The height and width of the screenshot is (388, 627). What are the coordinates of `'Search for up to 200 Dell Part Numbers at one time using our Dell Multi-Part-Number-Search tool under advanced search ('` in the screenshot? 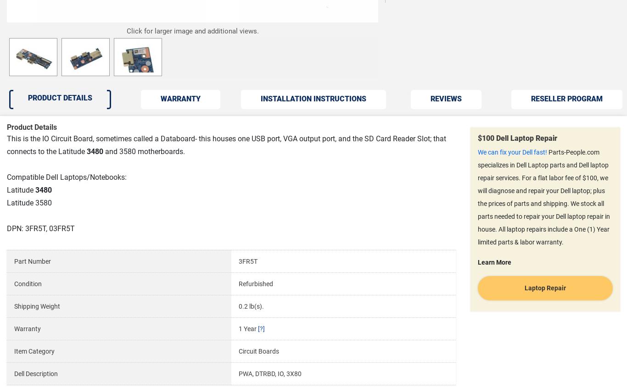 It's located at (28, 105).